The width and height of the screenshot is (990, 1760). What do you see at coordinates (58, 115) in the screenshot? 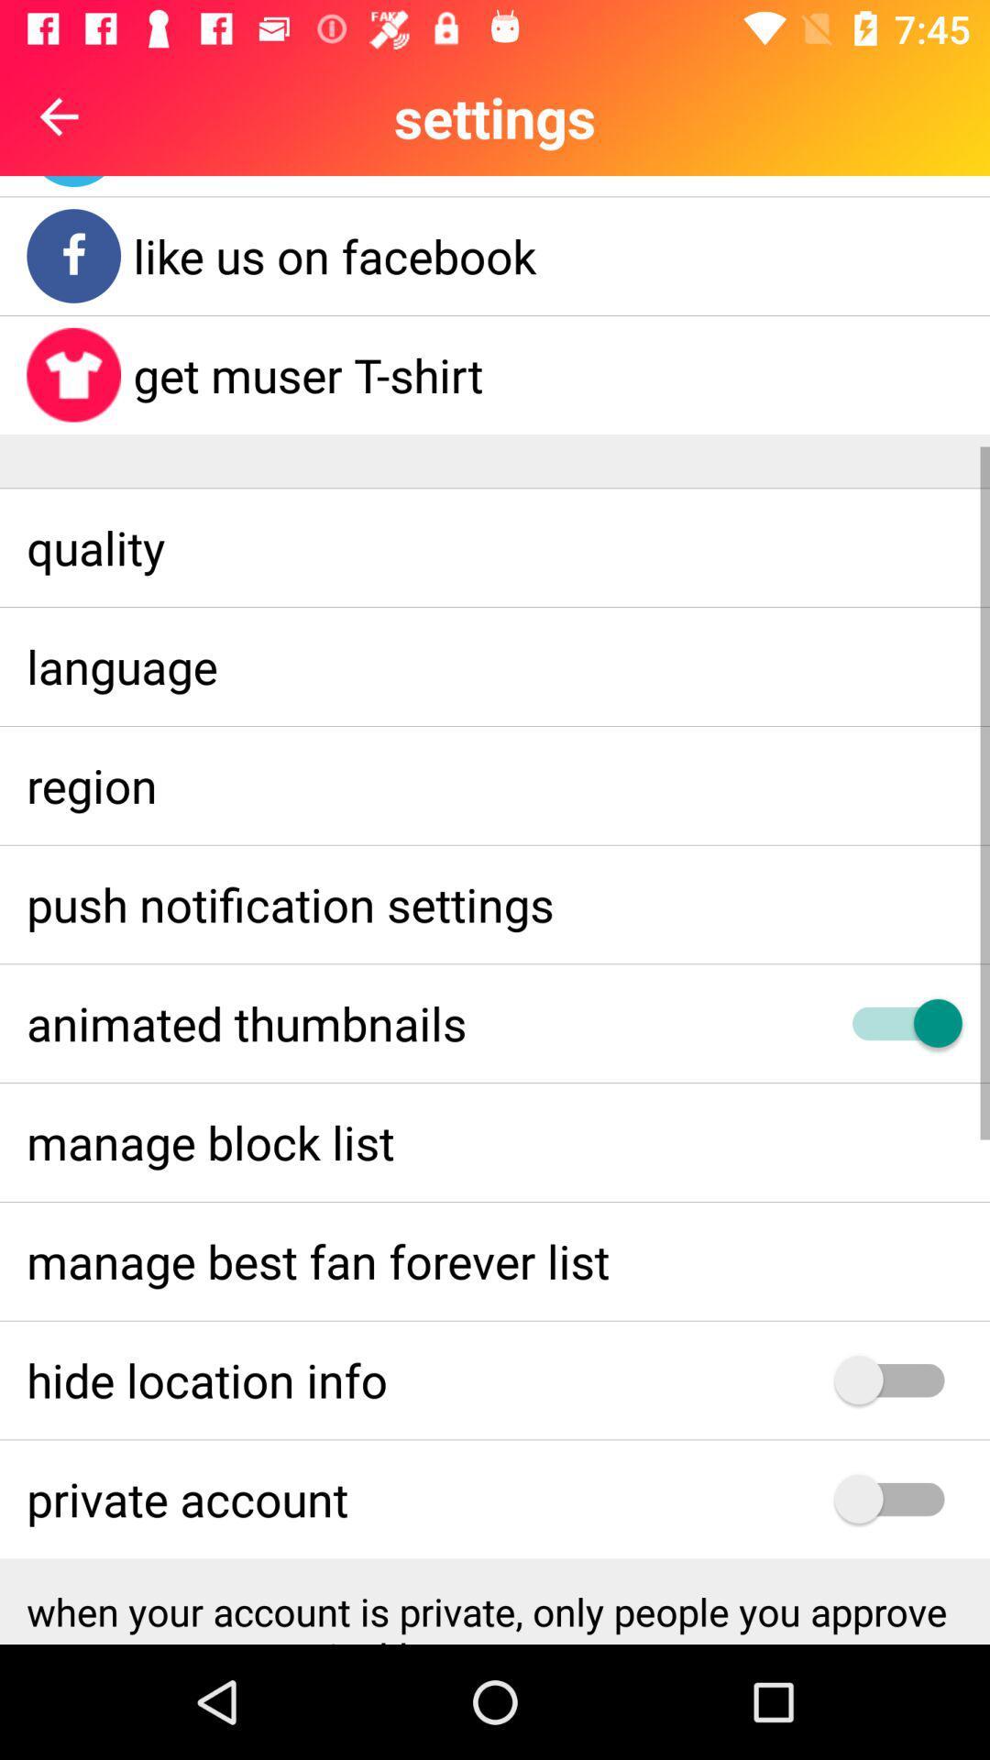
I see `the arrow_backward icon` at bounding box center [58, 115].